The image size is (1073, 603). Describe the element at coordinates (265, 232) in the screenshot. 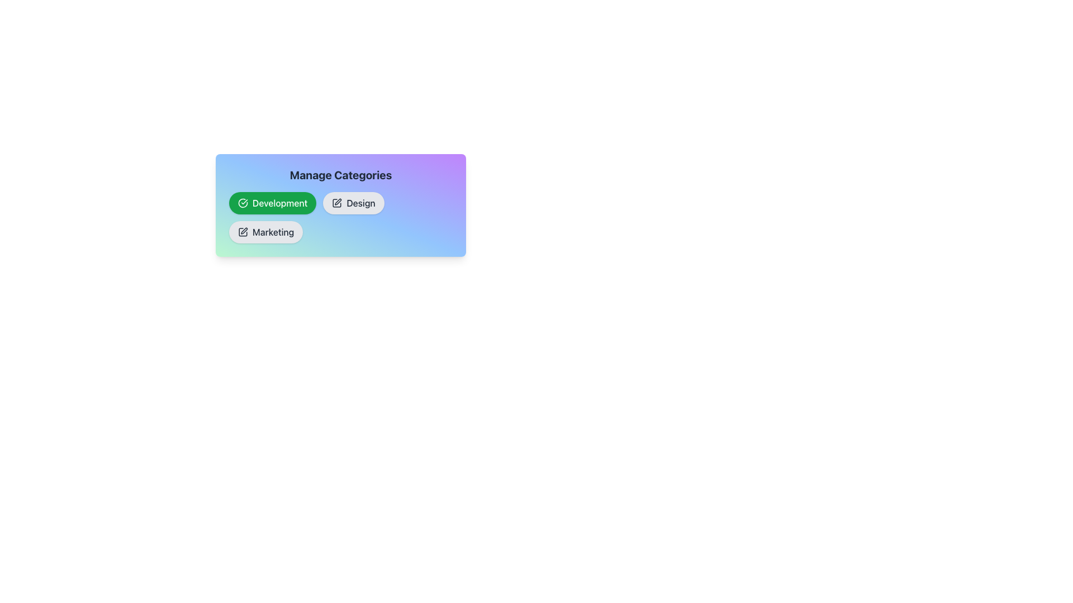

I see `the 'Marketing' button, which is the third button in a vertical alignment below the 'Development' and 'Design' buttons` at that location.